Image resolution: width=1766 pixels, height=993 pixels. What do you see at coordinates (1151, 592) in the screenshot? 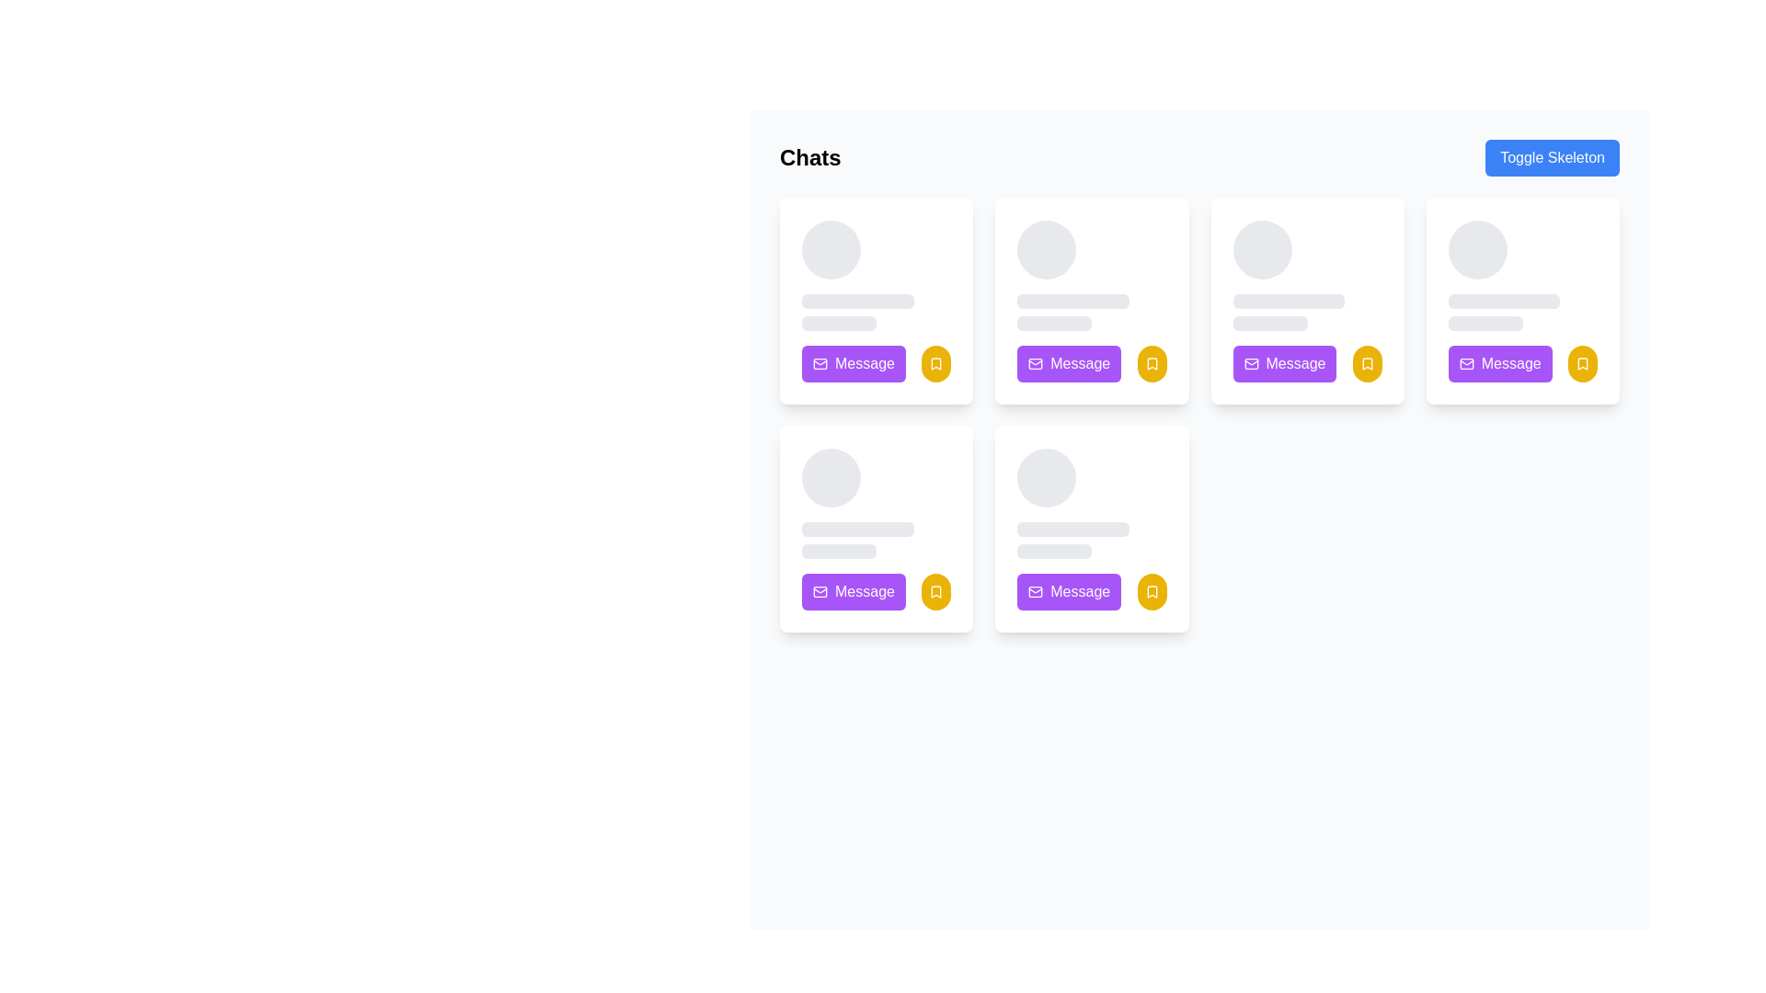
I see `the yellow bookmark-shaped icon with a cut-out area located in the bottom right corner of the last card in the lower row of a 2x3 grid` at bounding box center [1151, 592].